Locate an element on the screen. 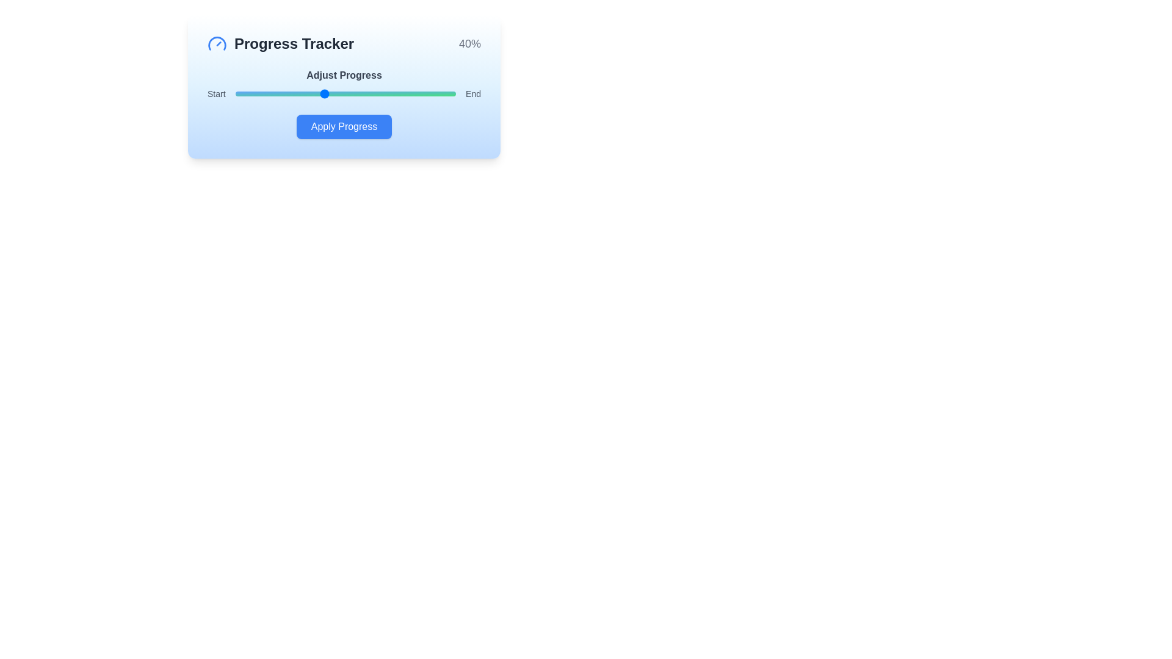 The width and height of the screenshot is (1172, 659). the 'Apply Progress' button is located at coordinates (344, 127).